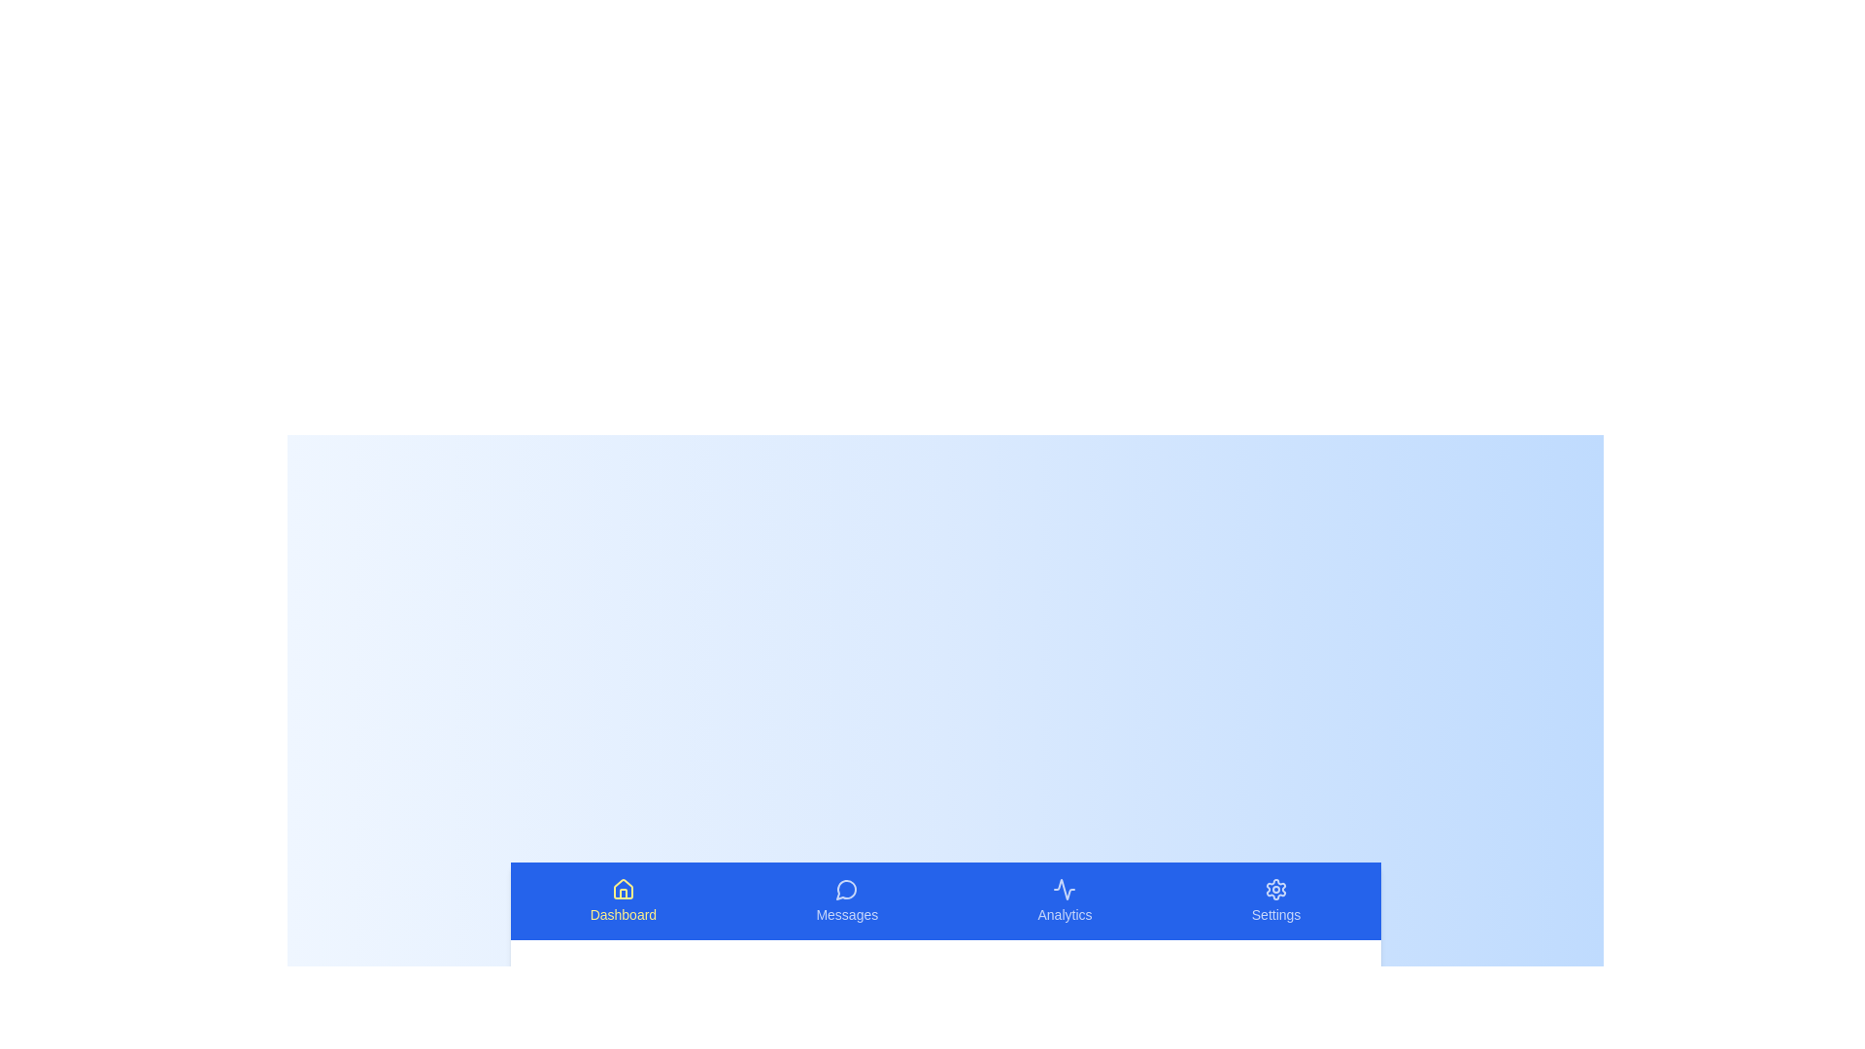  Describe the element at coordinates (1276, 901) in the screenshot. I see `the tab labeled Settings to select it` at that location.